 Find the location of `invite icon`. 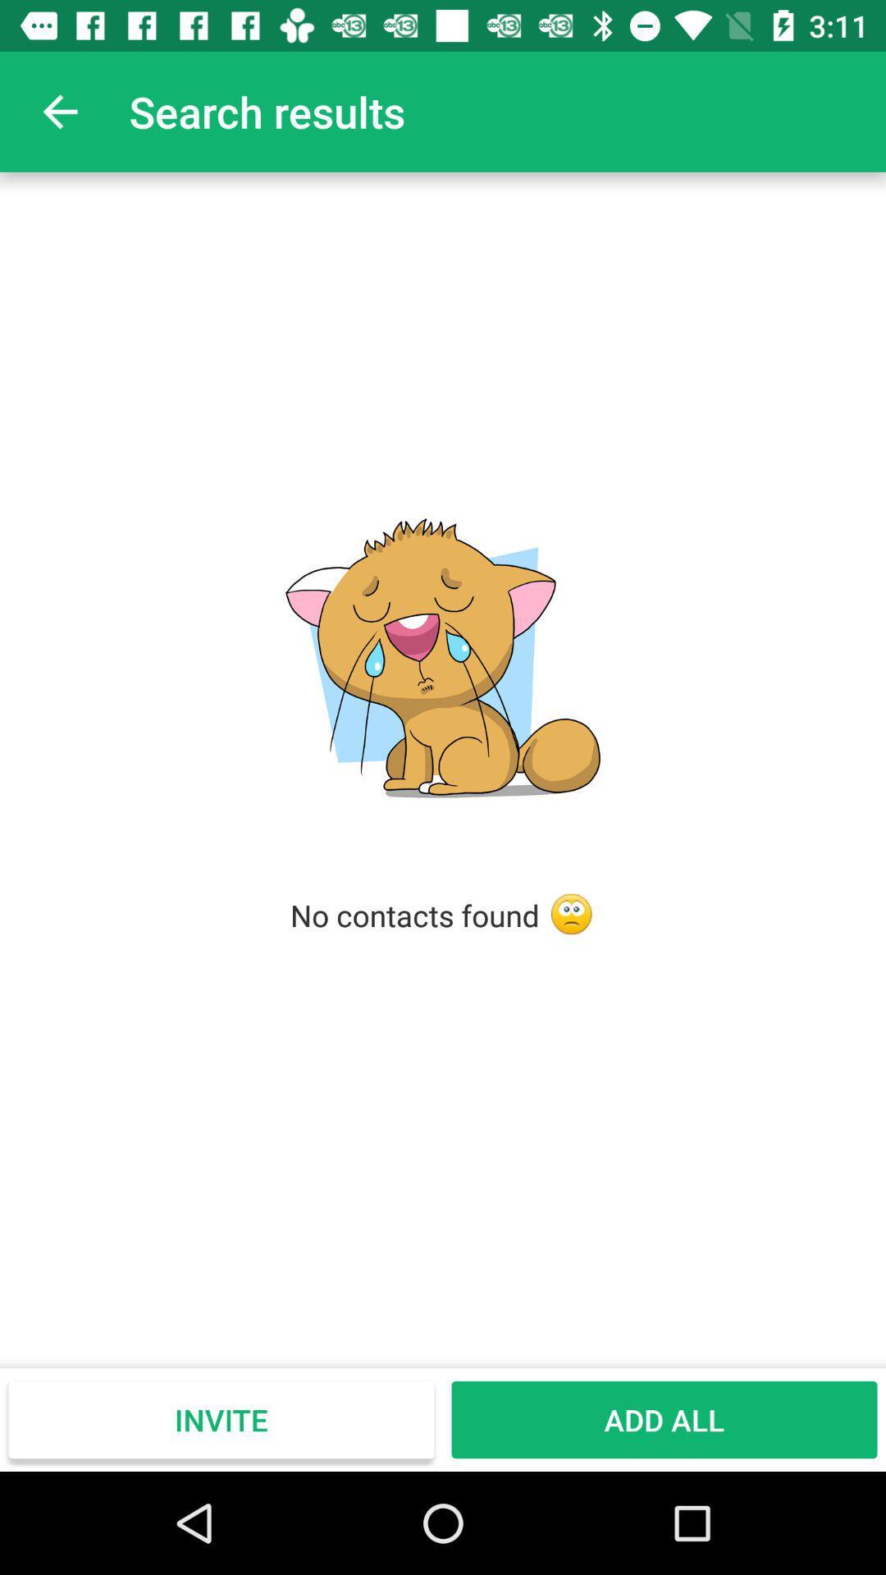

invite icon is located at coordinates (221, 1419).